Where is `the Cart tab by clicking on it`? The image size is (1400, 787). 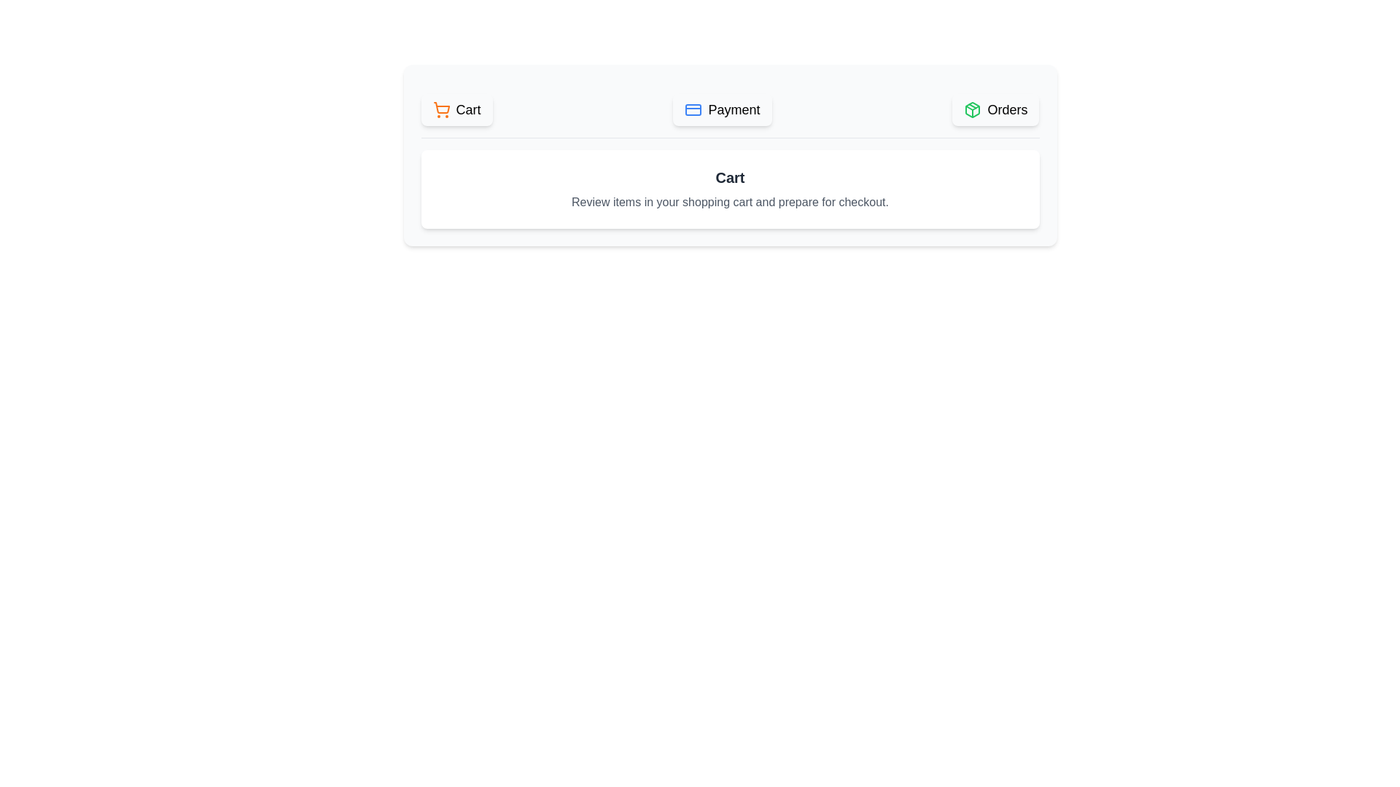
the Cart tab by clicking on it is located at coordinates (456, 109).